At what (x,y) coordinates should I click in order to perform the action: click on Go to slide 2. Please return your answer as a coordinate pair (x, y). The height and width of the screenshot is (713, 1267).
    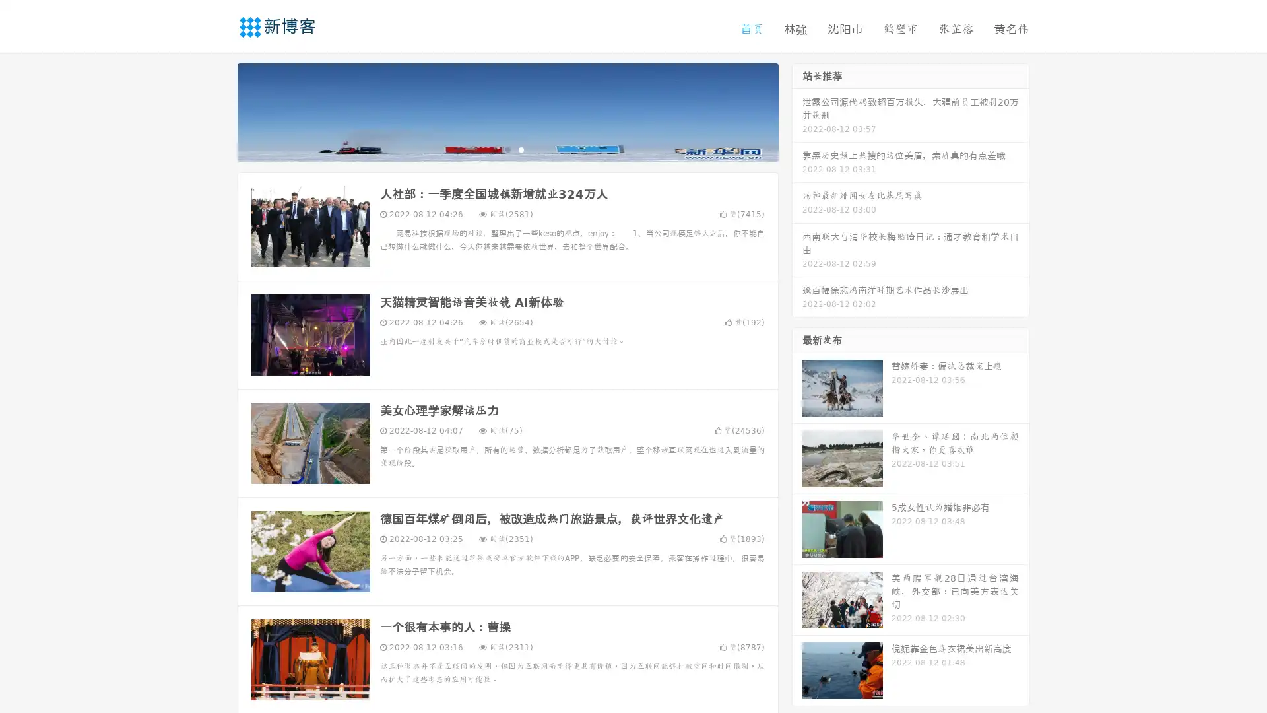
    Looking at the image, I should click on (507, 149).